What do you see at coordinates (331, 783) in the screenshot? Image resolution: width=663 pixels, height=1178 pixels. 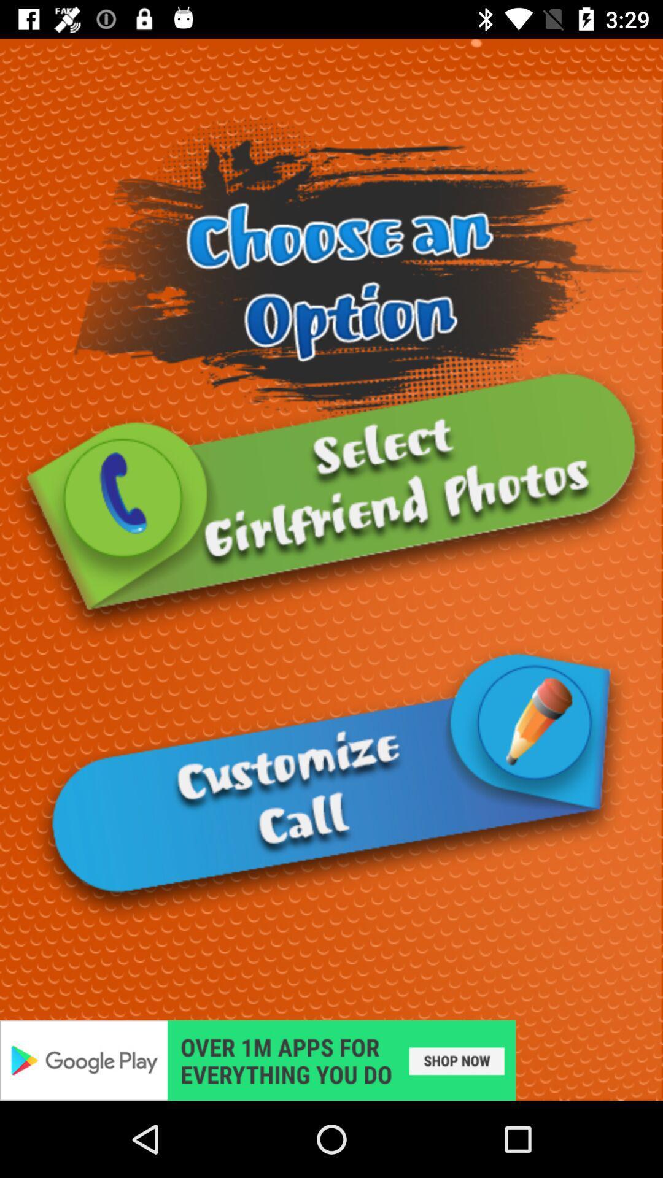 I see `customize phone call` at bounding box center [331, 783].